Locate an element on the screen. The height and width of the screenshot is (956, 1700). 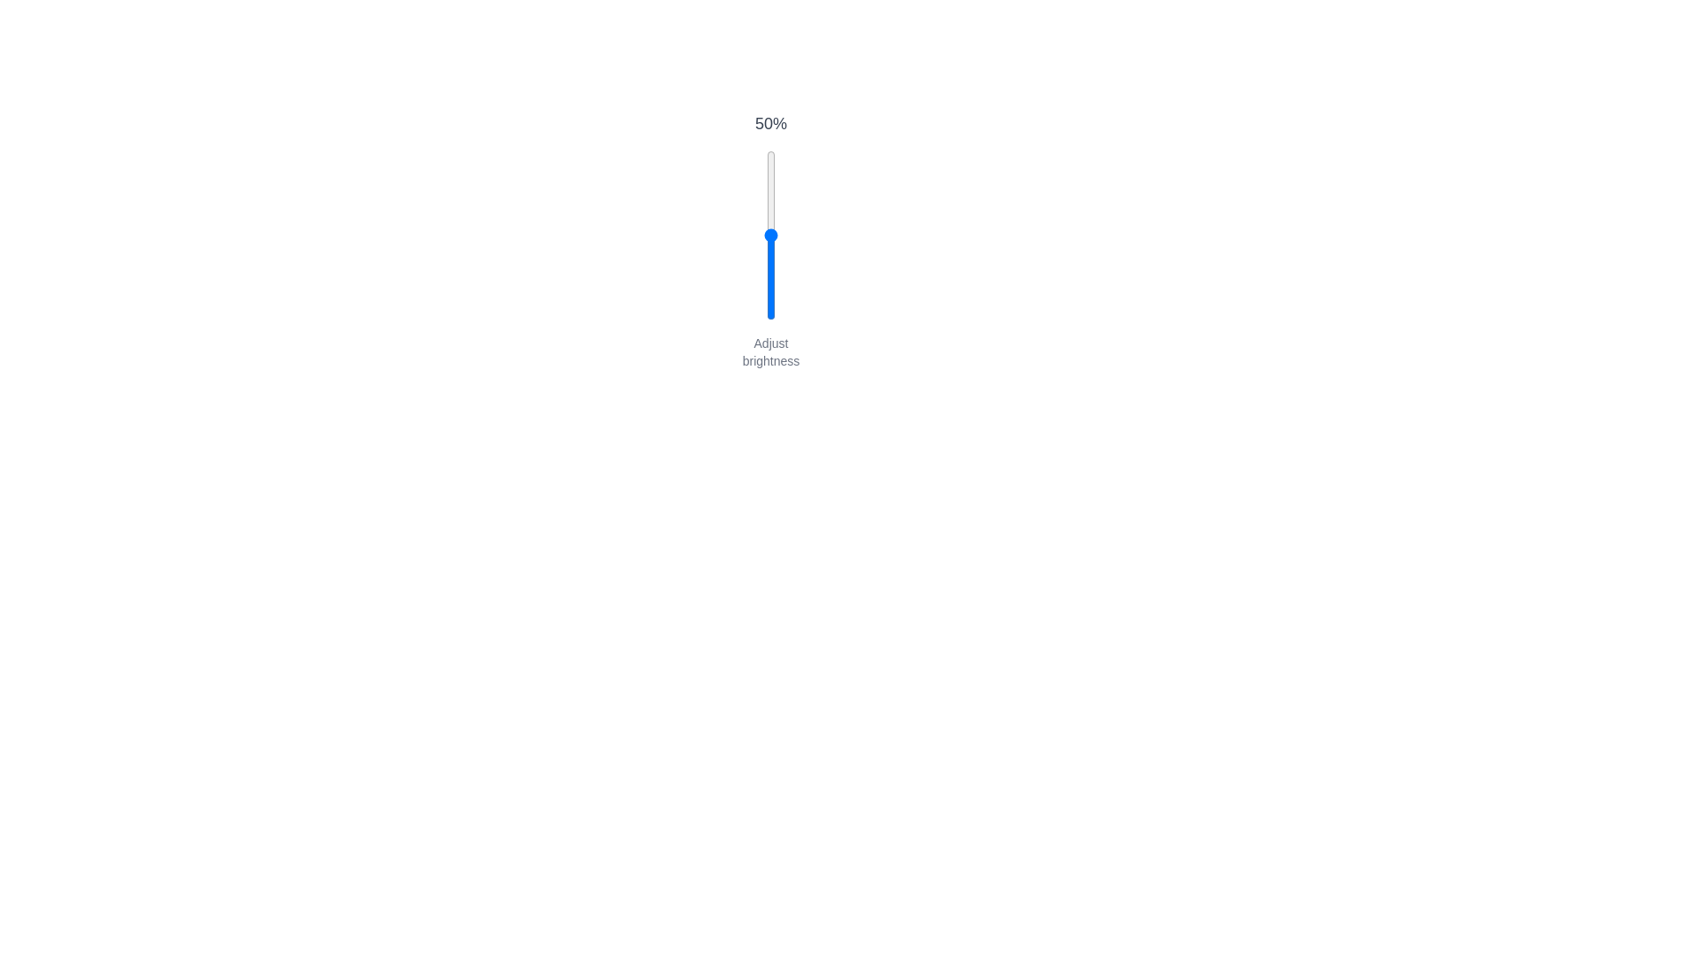
the vertical slider with a gradient handle, which is currently set to 50%, to observe the hover state effects is located at coordinates (770, 235).